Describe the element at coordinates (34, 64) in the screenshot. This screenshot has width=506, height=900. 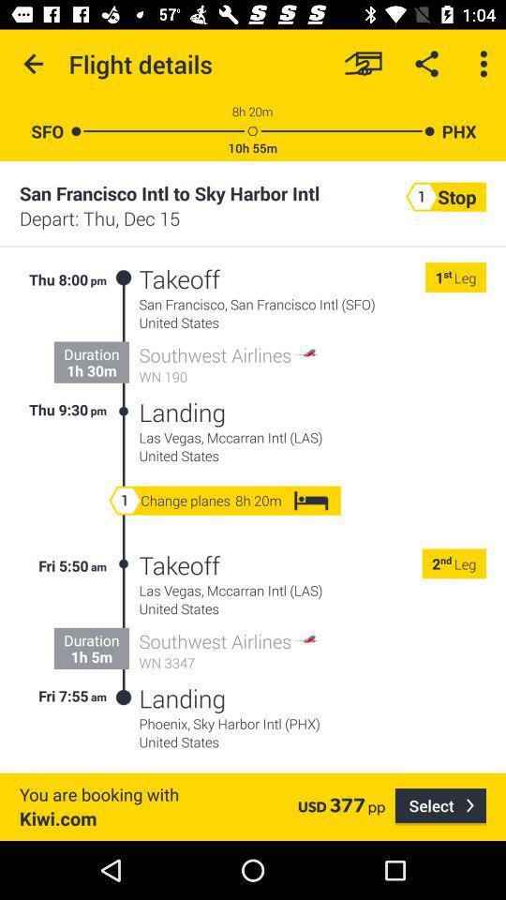
I see `icon to the left of flight details item` at that location.